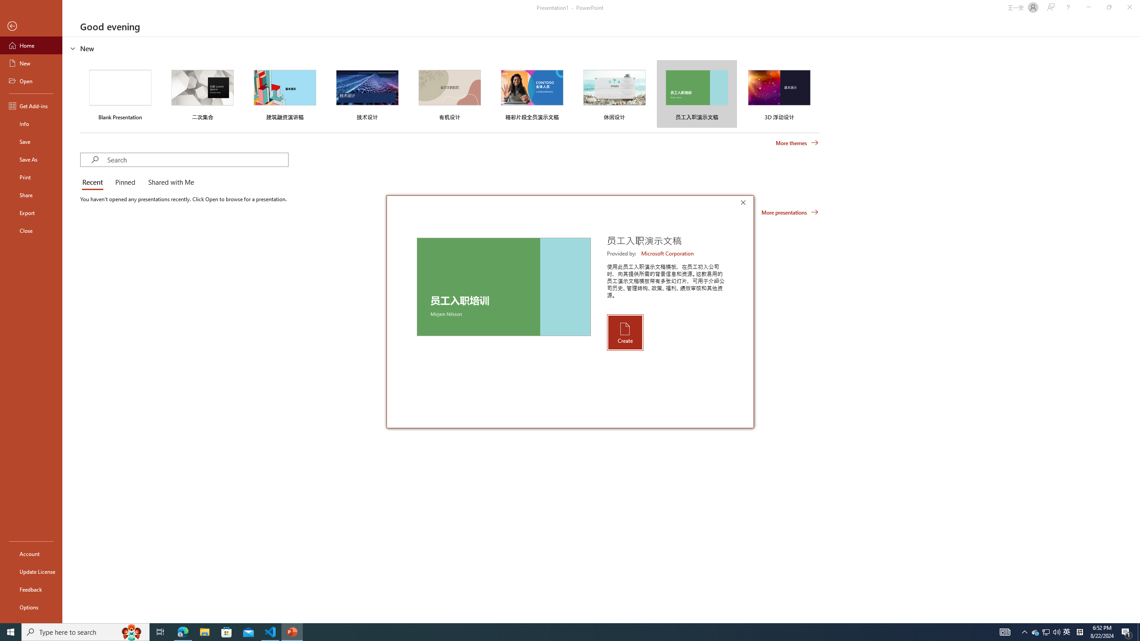 This screenshot has width=1140, height=641. What do you see at coordinates (31, 554) in the screenshot?
I see `'Account'` at bounding box center [31, 554].